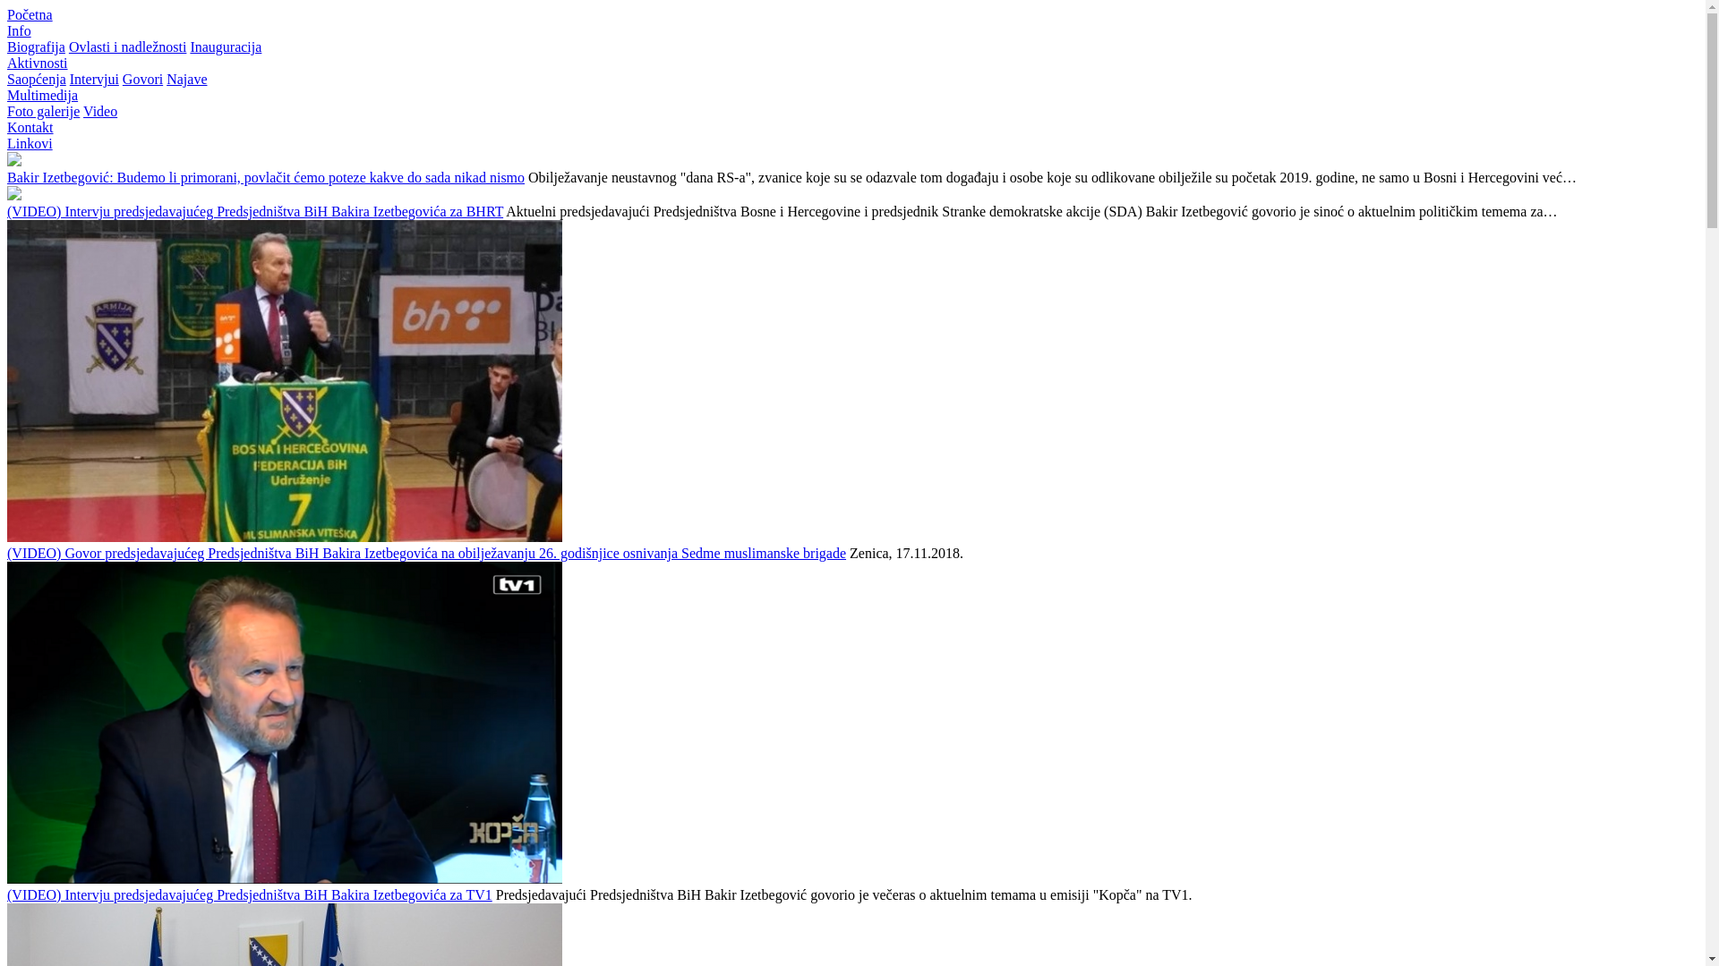 The width and height of the screenshot is (1719, 966). What do you see at coordinates (167, 78) in the screenshot?
I see `'Najave'` at bounding box center [167, 78].